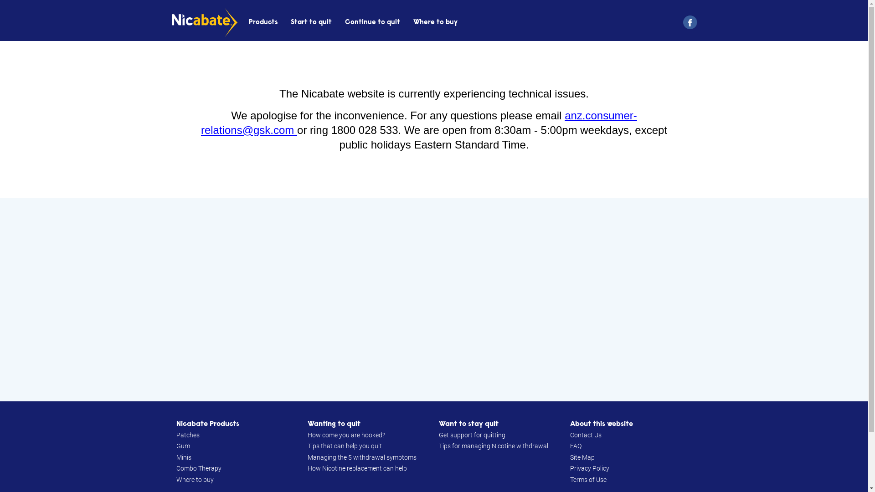 Image resolution: width=875 pixels, height=492 pixels. Describe the element at coordinates (307, 446) in the screenshot. I see `'Tips that can help you quit'` at that location.